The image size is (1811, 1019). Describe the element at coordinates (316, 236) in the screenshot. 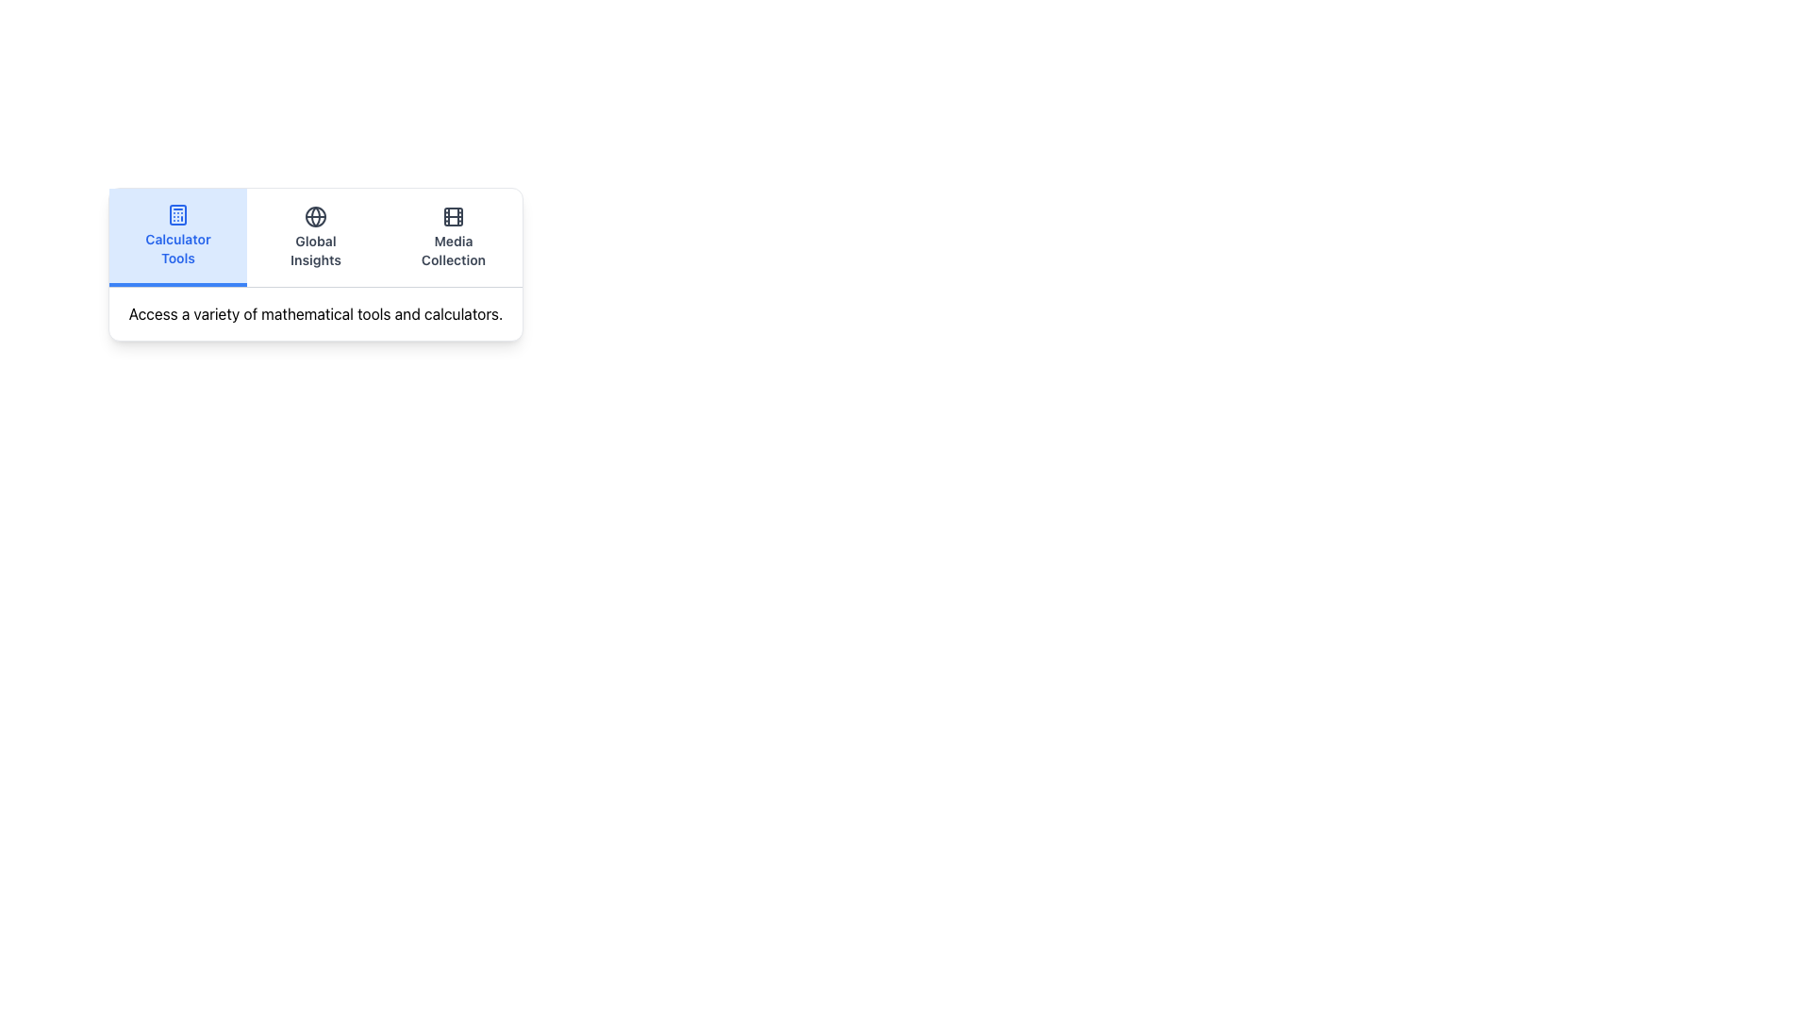

I see `the 'Global Insights' button, which is the second button in a row of three buttons, to change its background color` at that location.